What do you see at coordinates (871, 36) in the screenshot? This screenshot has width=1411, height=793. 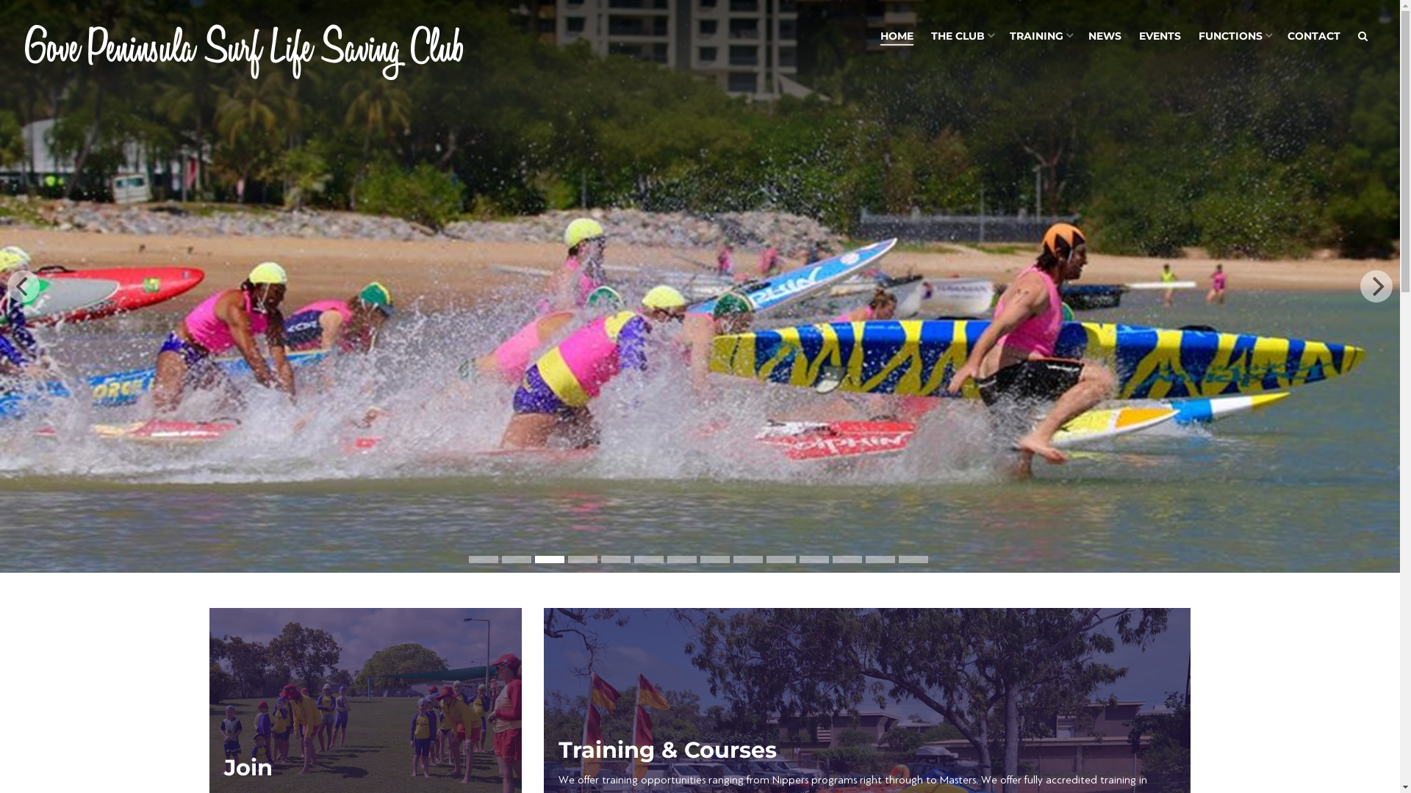 I see `'HOME'` at bounding box center [871, 36].